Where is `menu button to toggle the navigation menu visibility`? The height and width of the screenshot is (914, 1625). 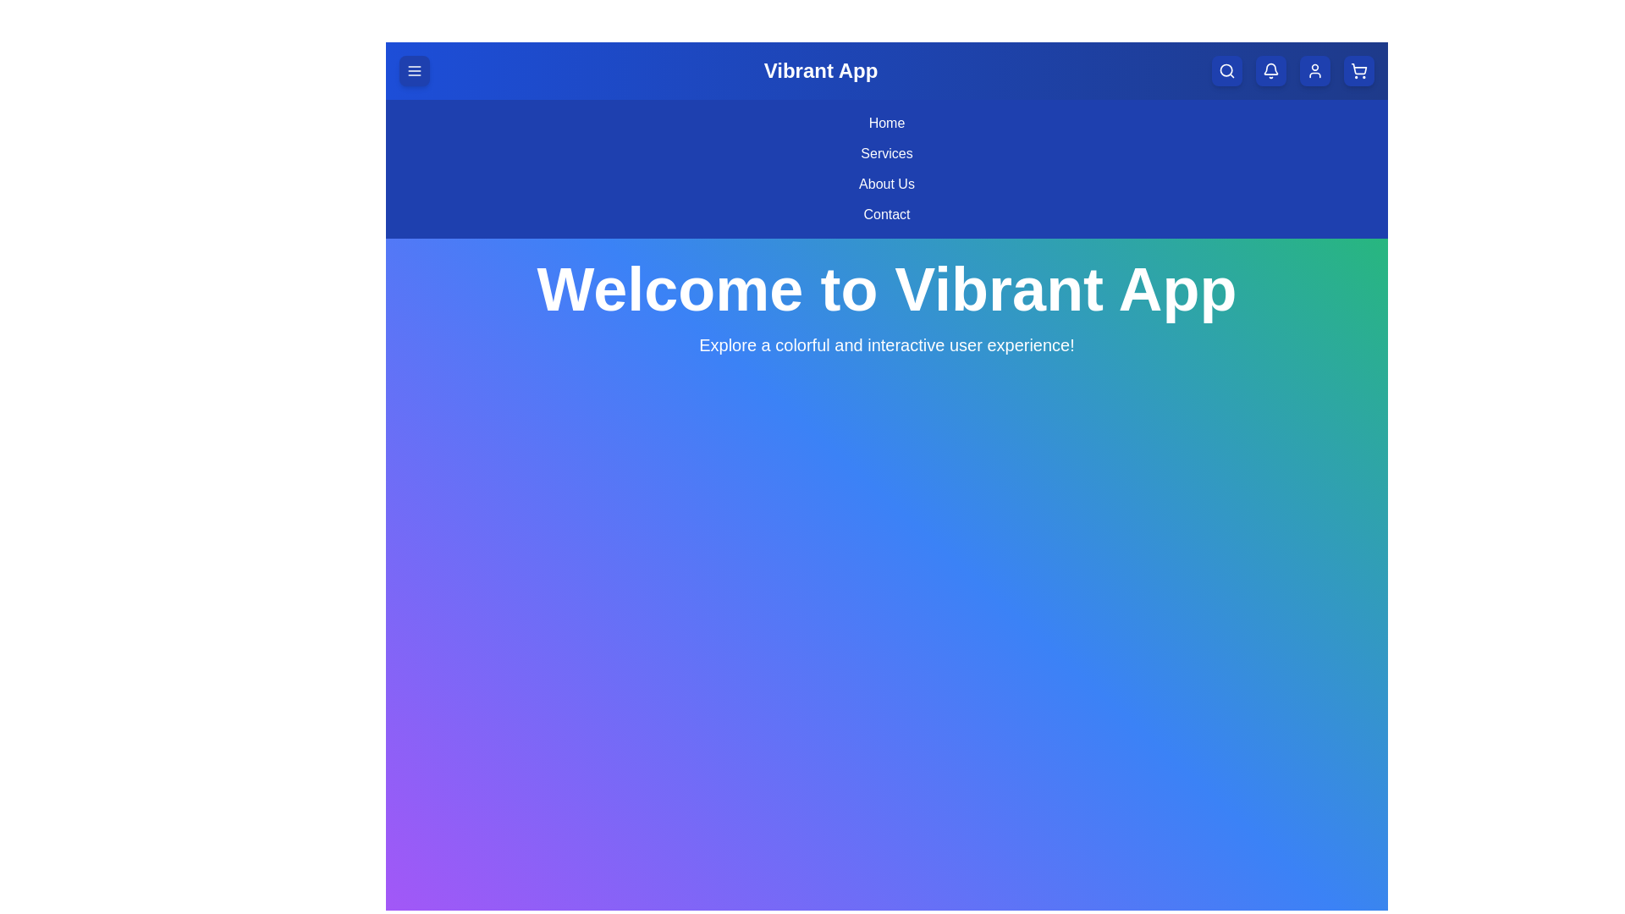 menu button to toggle the navigation menu visibility is located at coordinates (414, 70).